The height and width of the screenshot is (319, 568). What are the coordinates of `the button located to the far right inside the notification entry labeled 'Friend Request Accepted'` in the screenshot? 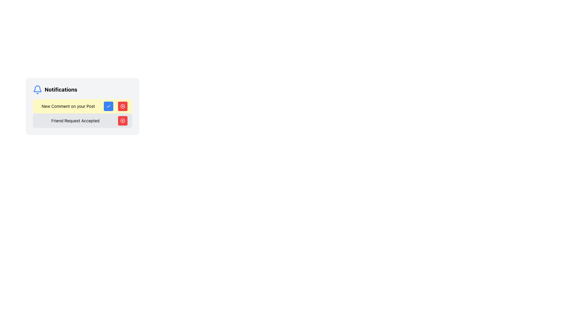 It's located at (122, 120).